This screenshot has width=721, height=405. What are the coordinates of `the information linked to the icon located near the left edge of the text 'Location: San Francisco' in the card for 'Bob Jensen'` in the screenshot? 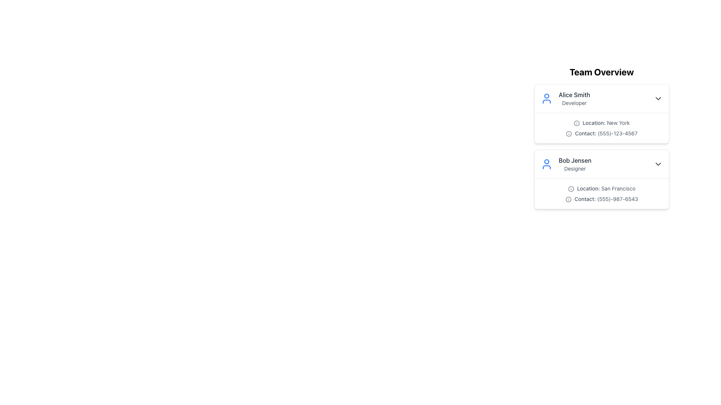 It's located at (571, 189).